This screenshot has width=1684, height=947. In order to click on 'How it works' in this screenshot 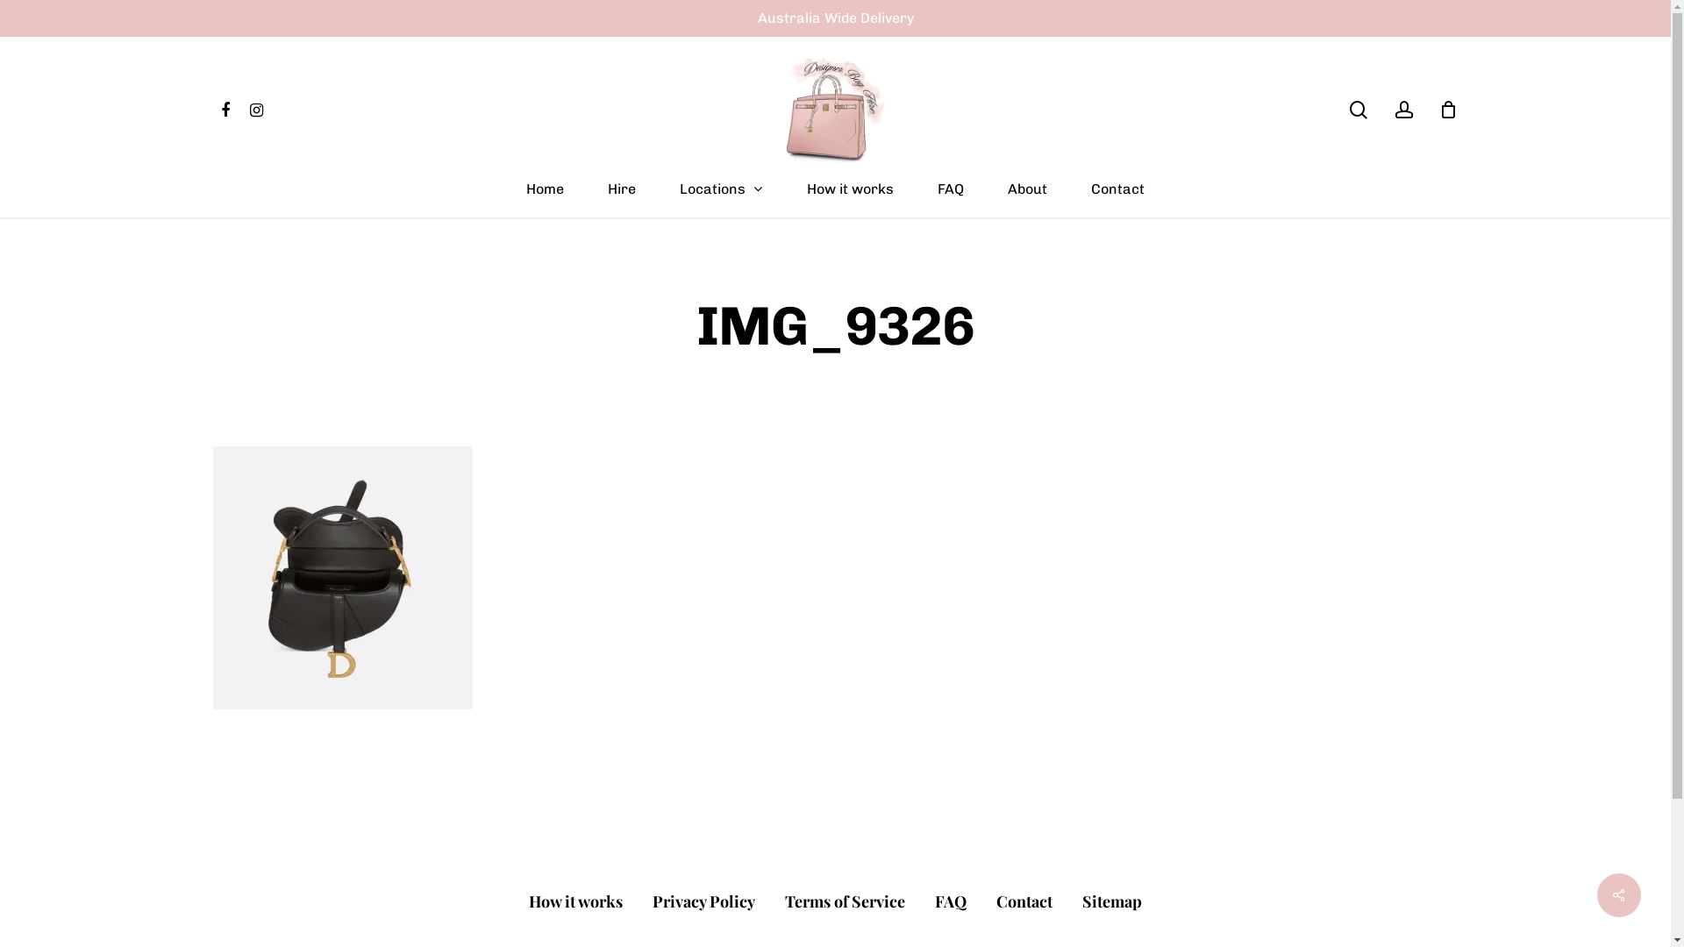, I will do `click(575, 901)`.